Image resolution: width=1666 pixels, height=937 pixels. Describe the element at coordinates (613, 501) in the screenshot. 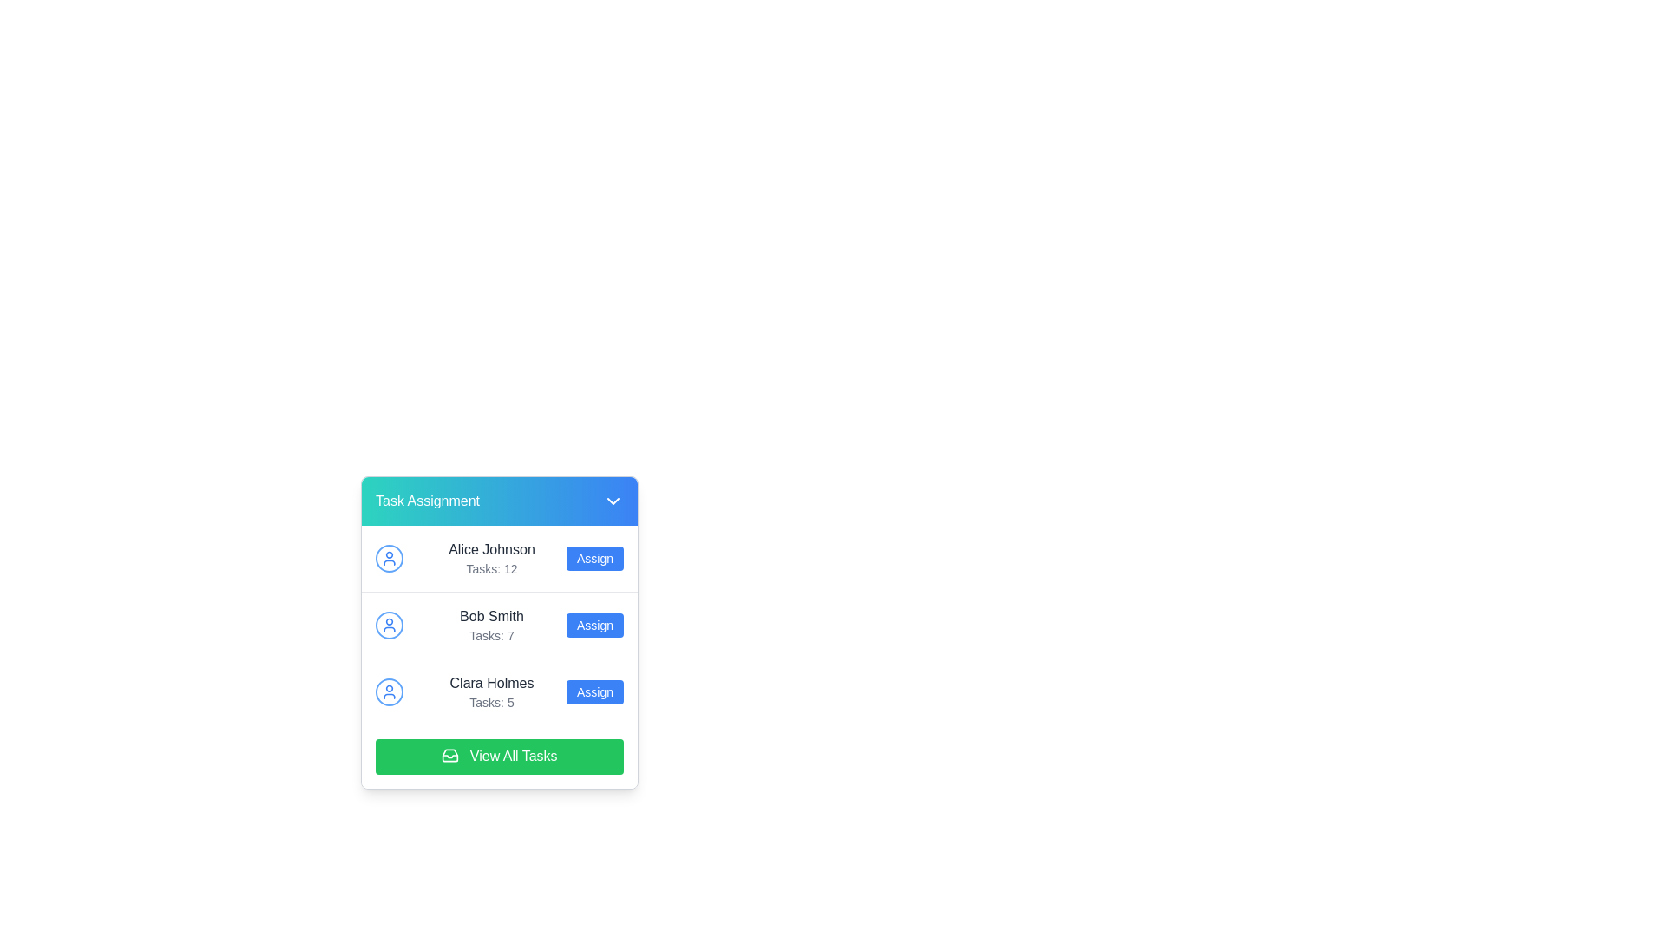

I see `downward caret icon in the 'Task Assignment' section for debugging purposes, which is located to the right of the 'Task Assignment' text in the header` at that location.